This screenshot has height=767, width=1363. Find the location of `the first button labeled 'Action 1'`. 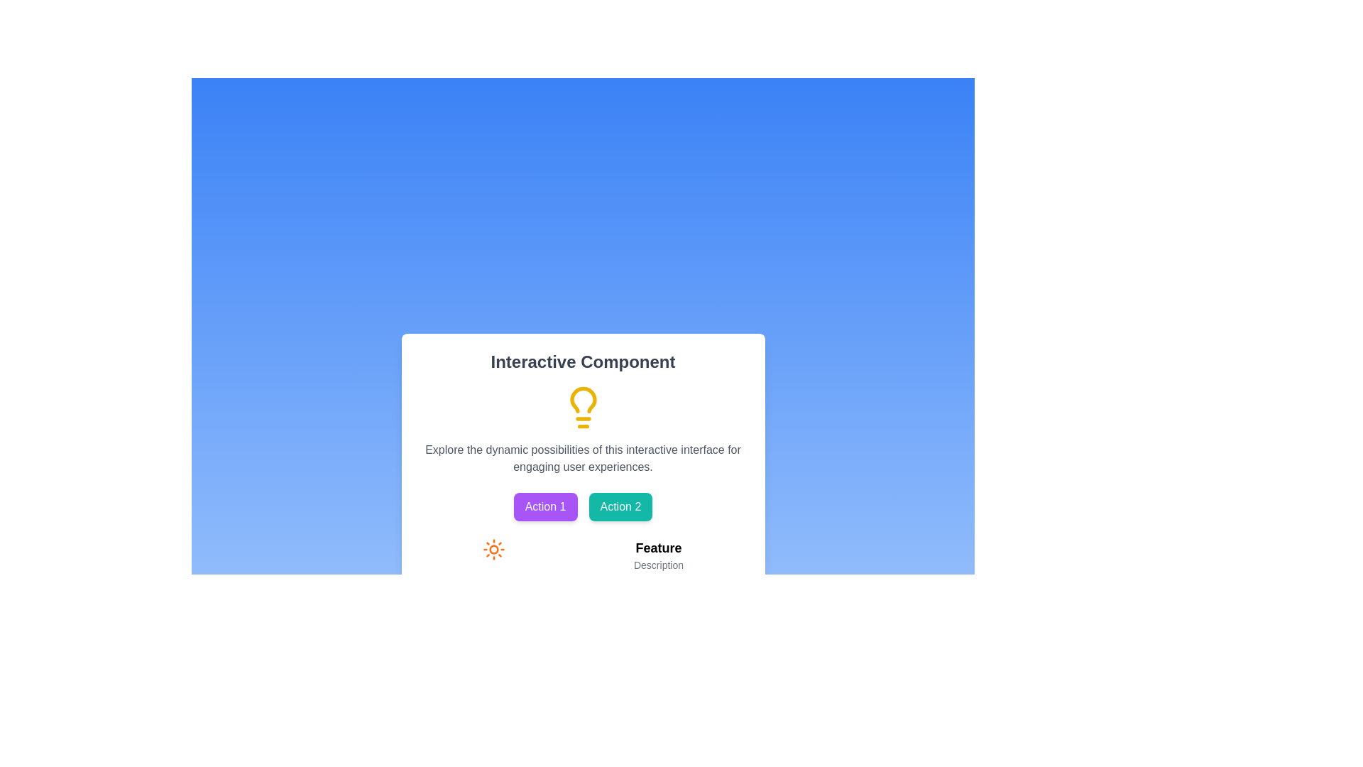

the first button labeled 'Action 1' is located at coordinates (544, 506).